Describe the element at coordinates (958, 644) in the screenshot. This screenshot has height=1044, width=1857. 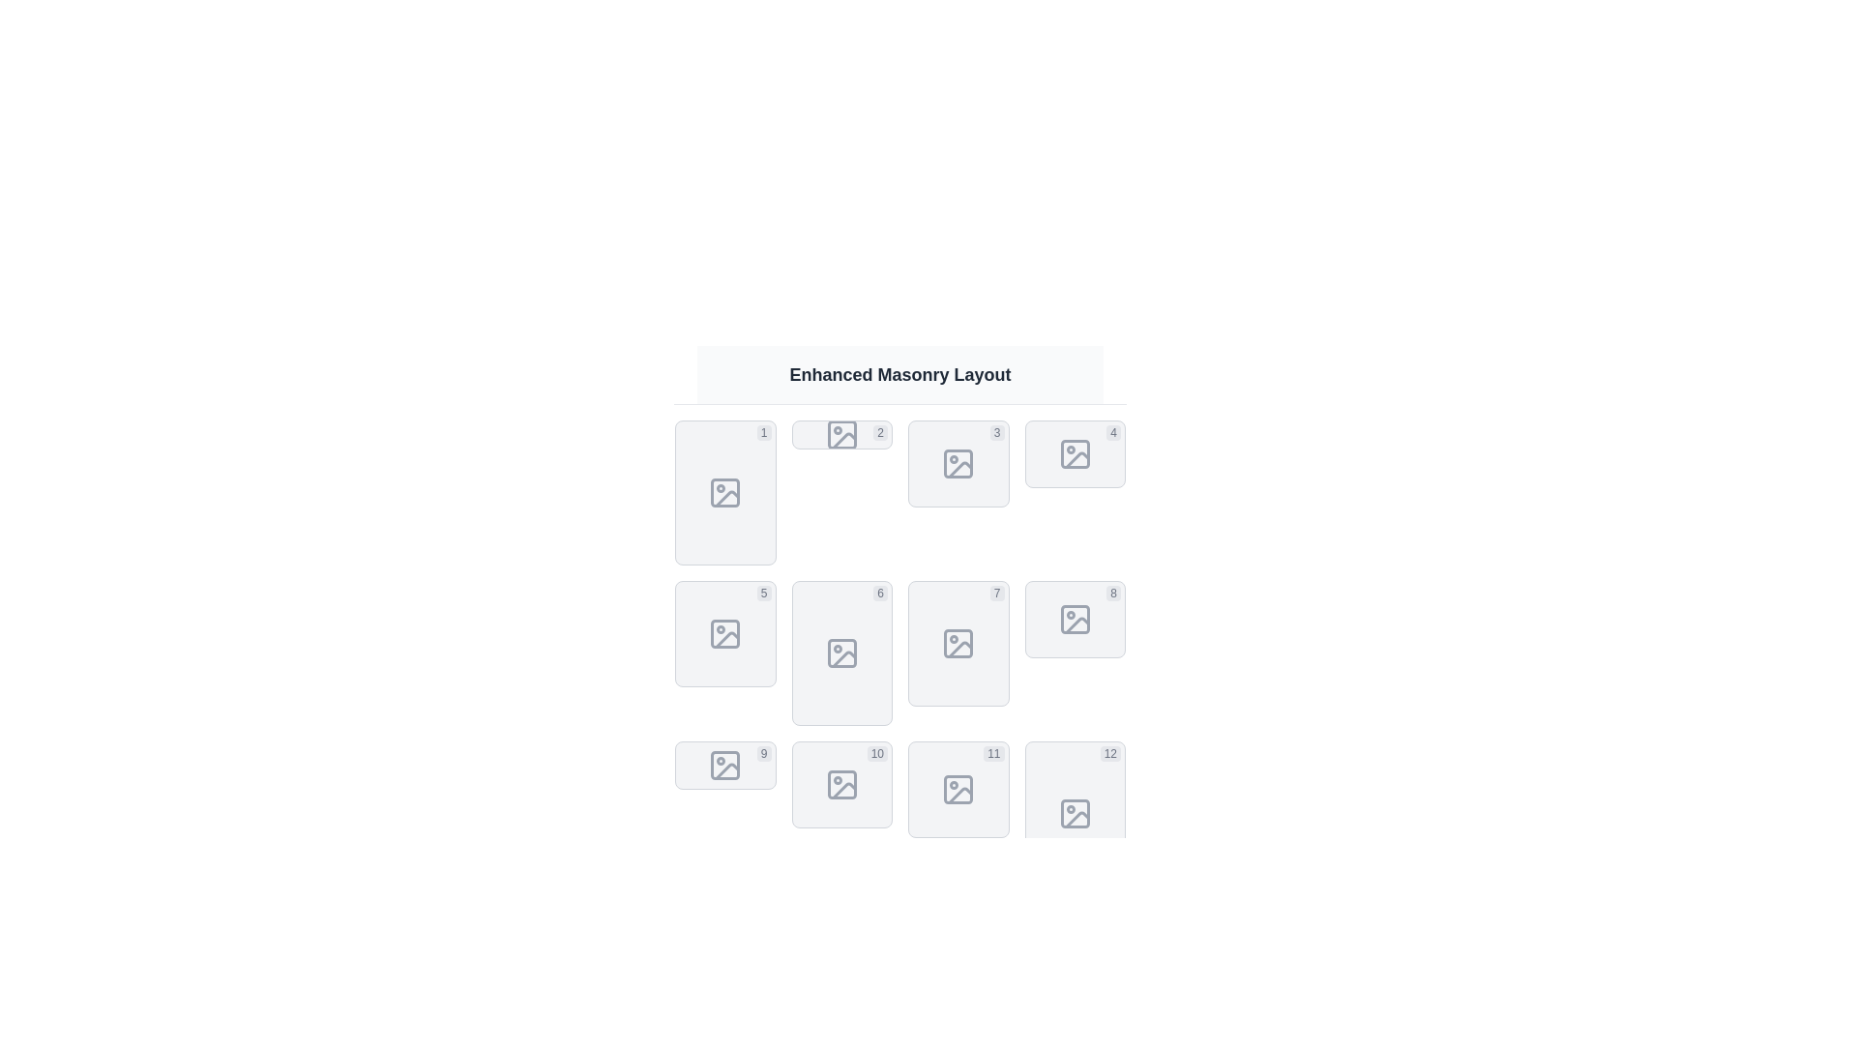
I see `the card that serves as a placeholder or identifier for content, positioned in the second row, third from the left in a grid layout` at that location.